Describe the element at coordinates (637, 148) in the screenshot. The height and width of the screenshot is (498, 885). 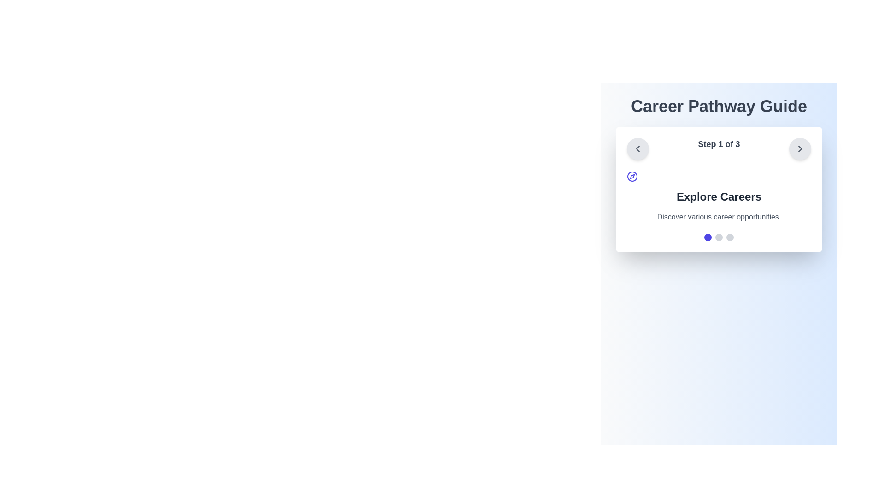
I see `the leftward-pointing chevron icon located inside a circular button` at that location.